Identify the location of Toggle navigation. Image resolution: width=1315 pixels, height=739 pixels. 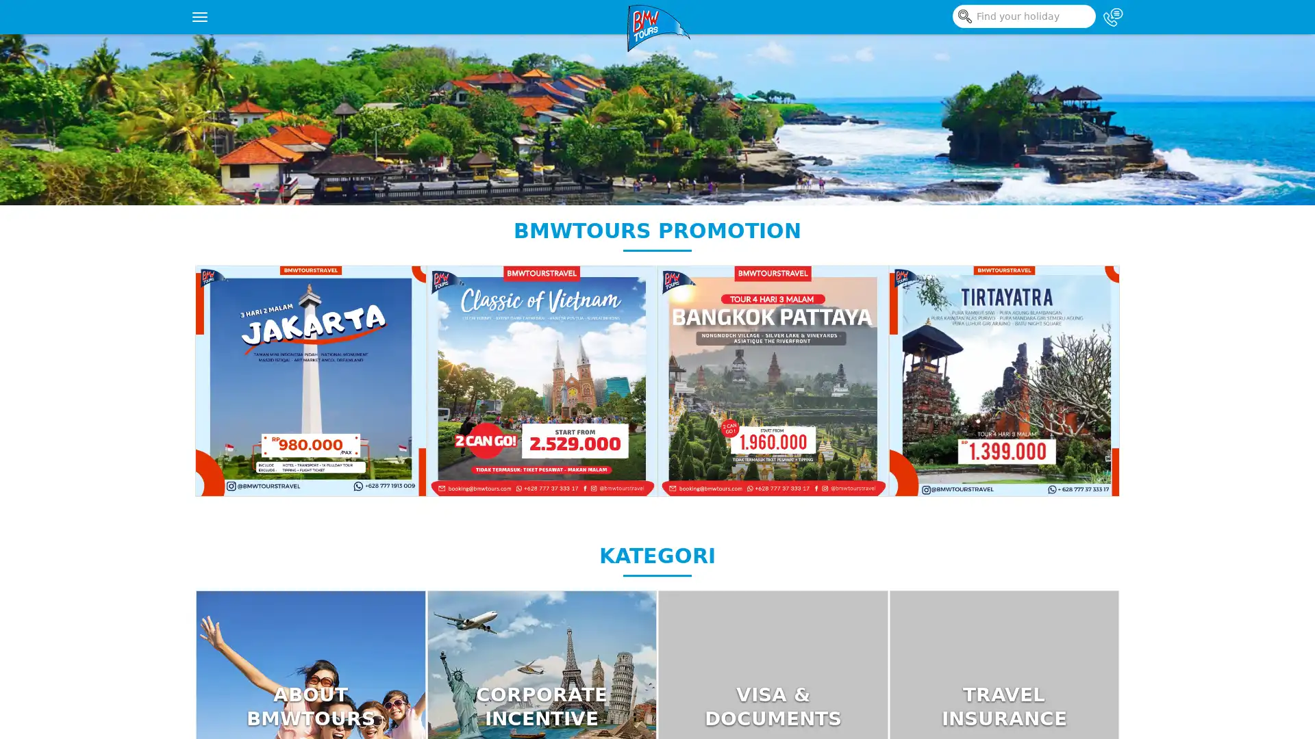
(199, 16).